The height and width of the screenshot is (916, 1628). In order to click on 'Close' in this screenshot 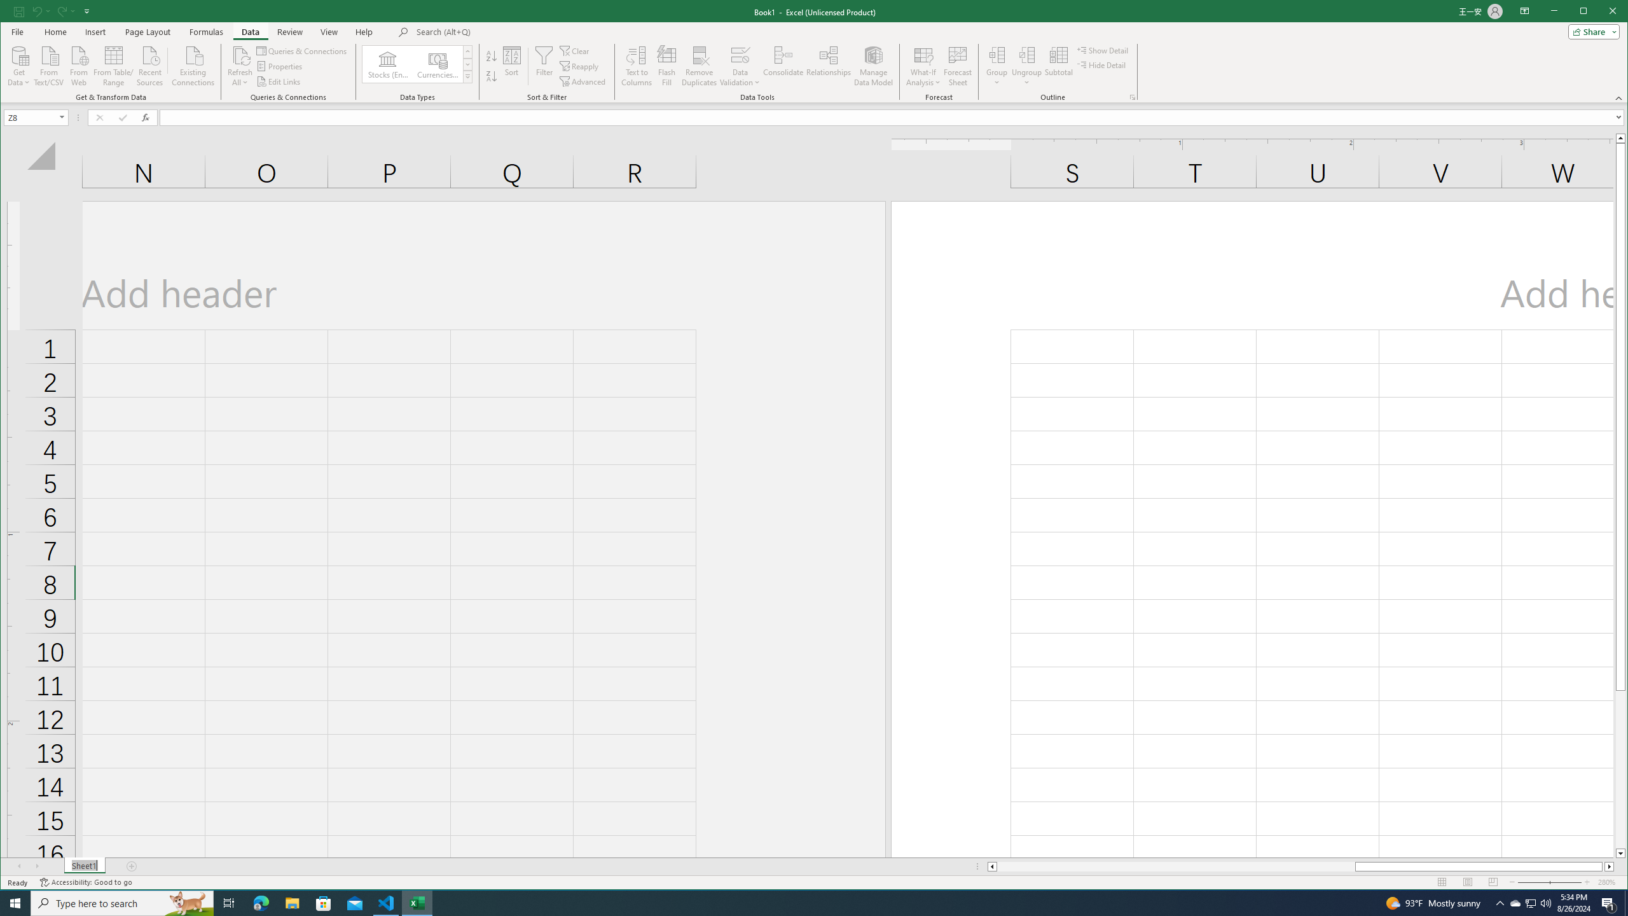, I will do `click(1615, 12)`.